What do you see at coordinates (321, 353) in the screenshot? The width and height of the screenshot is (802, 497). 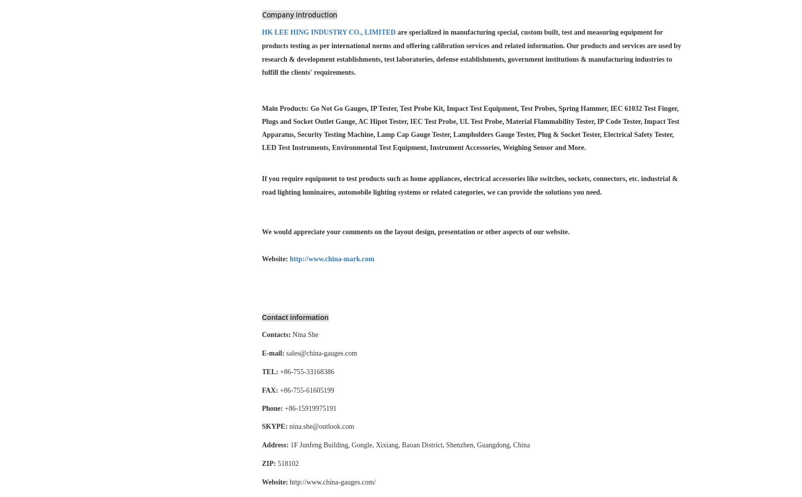 I see `'sales@china-gauges.com'` at bounding box center [321, 353].